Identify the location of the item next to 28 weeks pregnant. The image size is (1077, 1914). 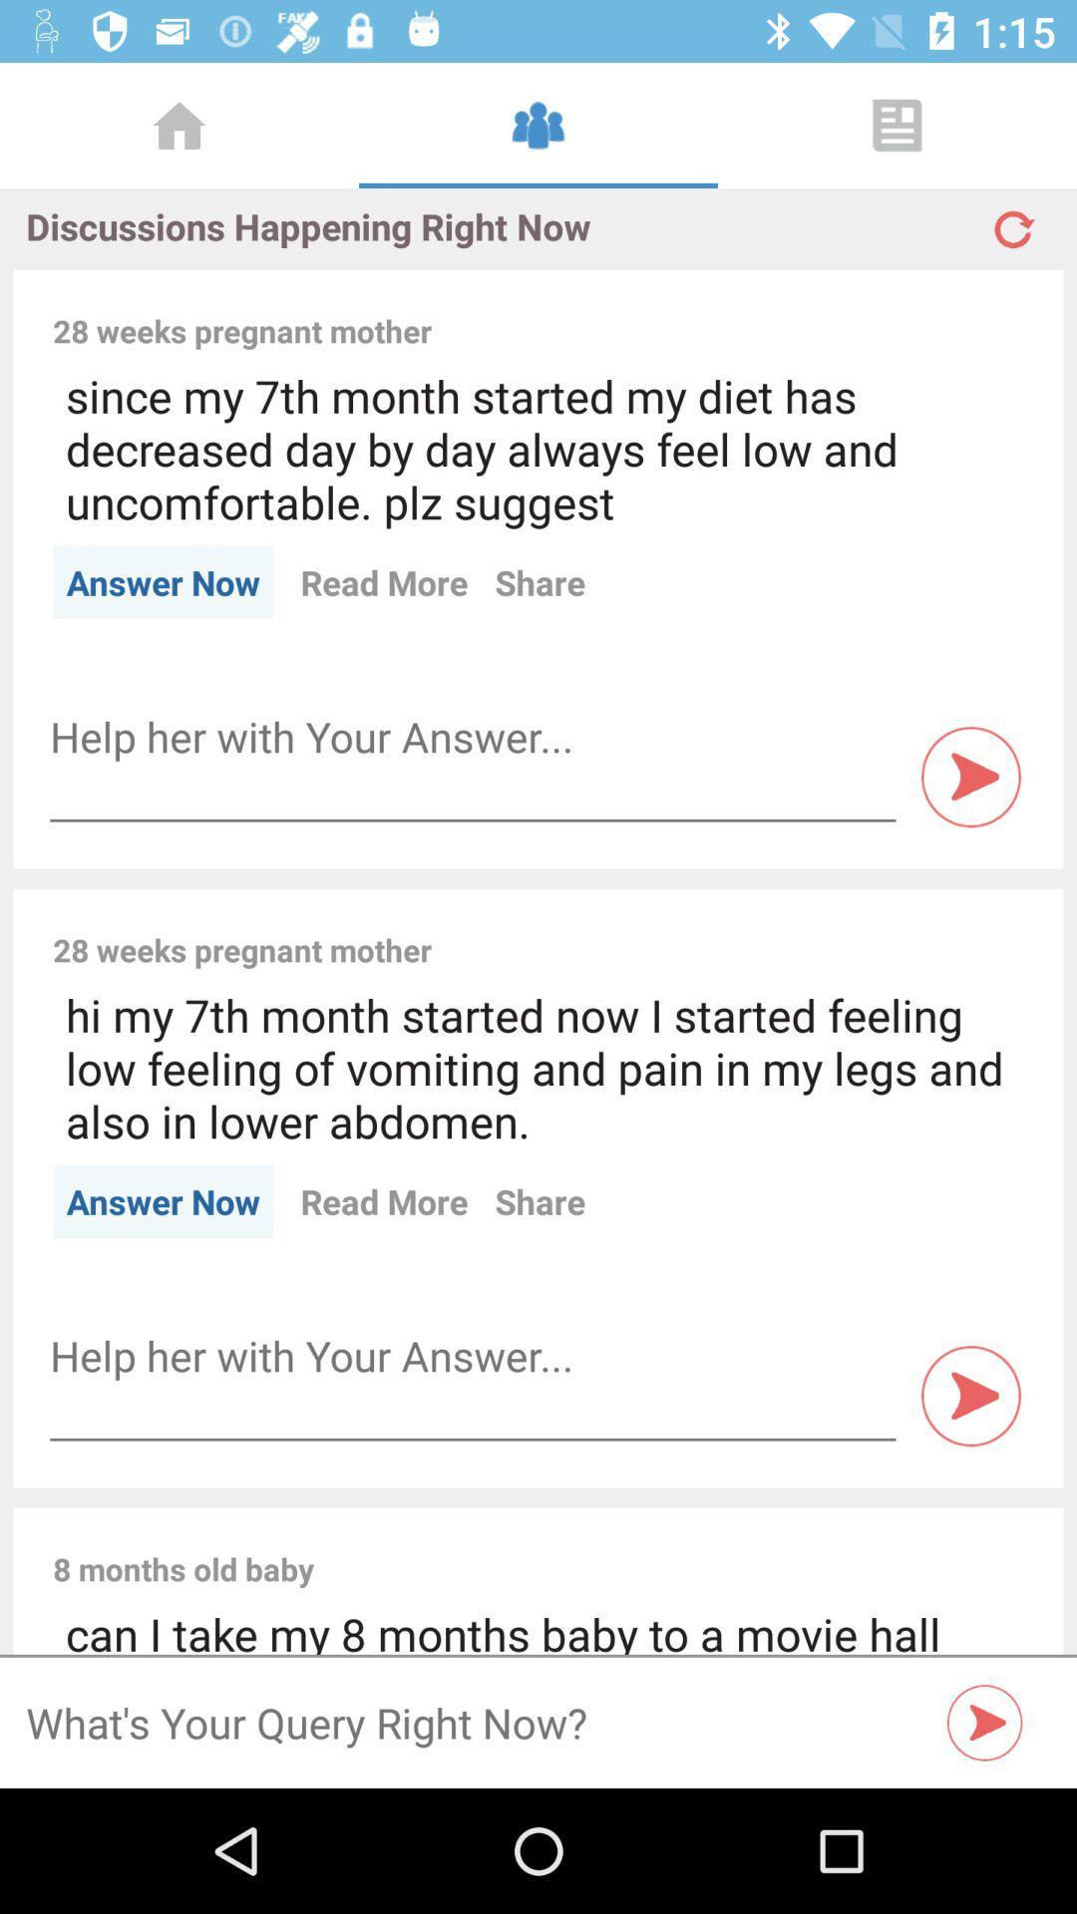
(741, 308).